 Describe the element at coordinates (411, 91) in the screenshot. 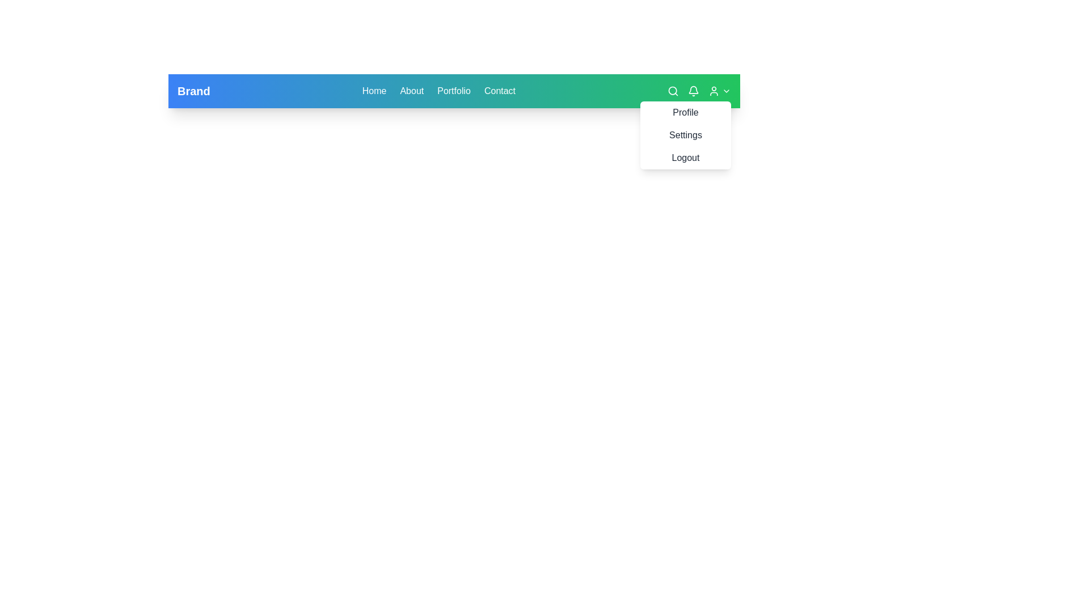

I see `the 'About' textual hyperlink, which is the second item in the horizontal menu structure, to trigger visual feedback` at that location.